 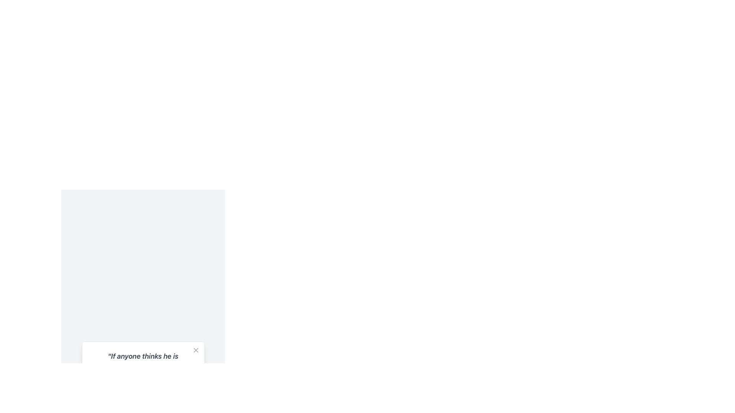 What do you see at coordinates (196, 350) in the screenshot?
I see `the interactive button located at the top-right corner of the card` at bounding box center [196, 350].